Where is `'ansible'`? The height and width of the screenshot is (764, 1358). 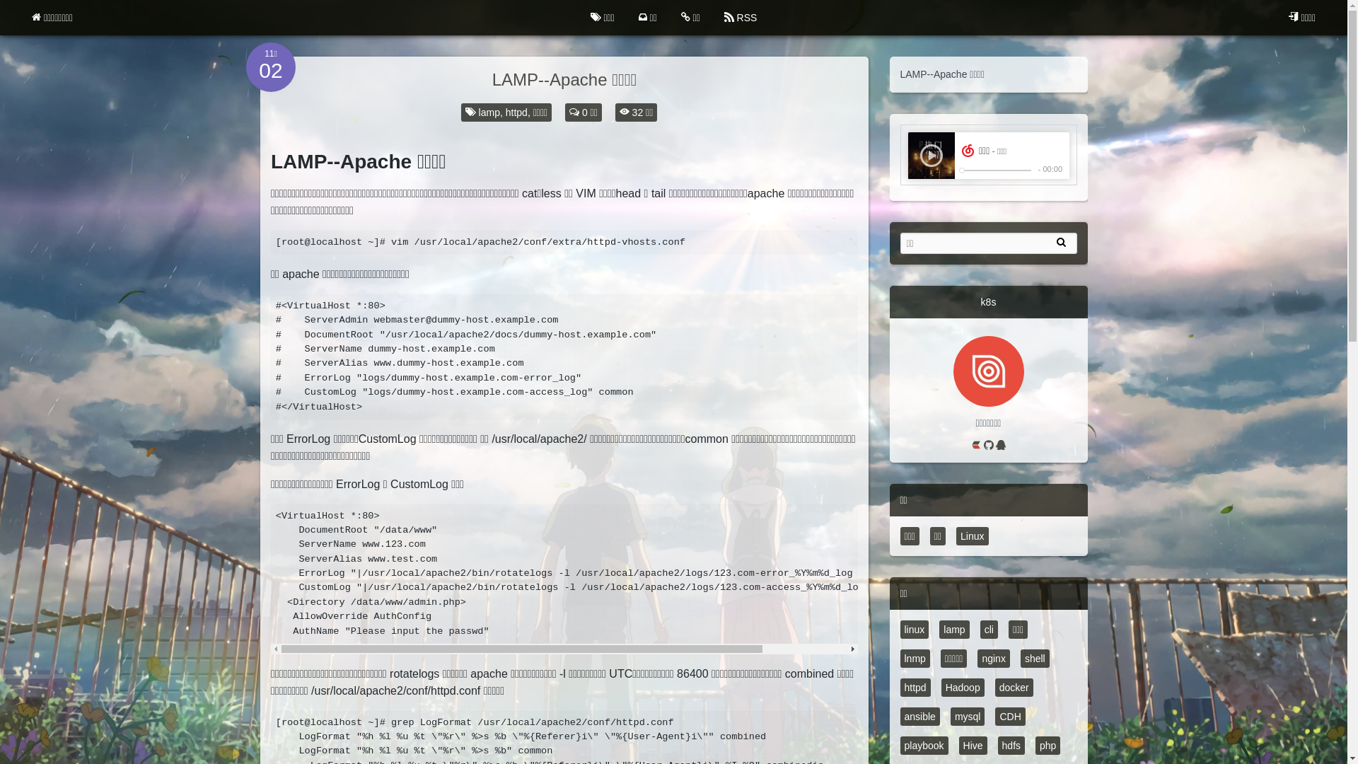
'ansible' is located at coordinates (919, 717).